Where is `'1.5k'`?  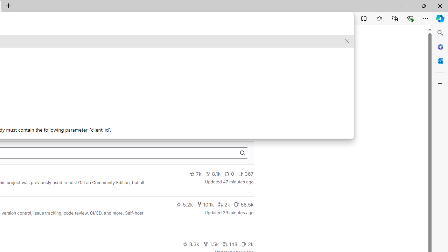 '1.5k' is located at coordinates (210, 244).